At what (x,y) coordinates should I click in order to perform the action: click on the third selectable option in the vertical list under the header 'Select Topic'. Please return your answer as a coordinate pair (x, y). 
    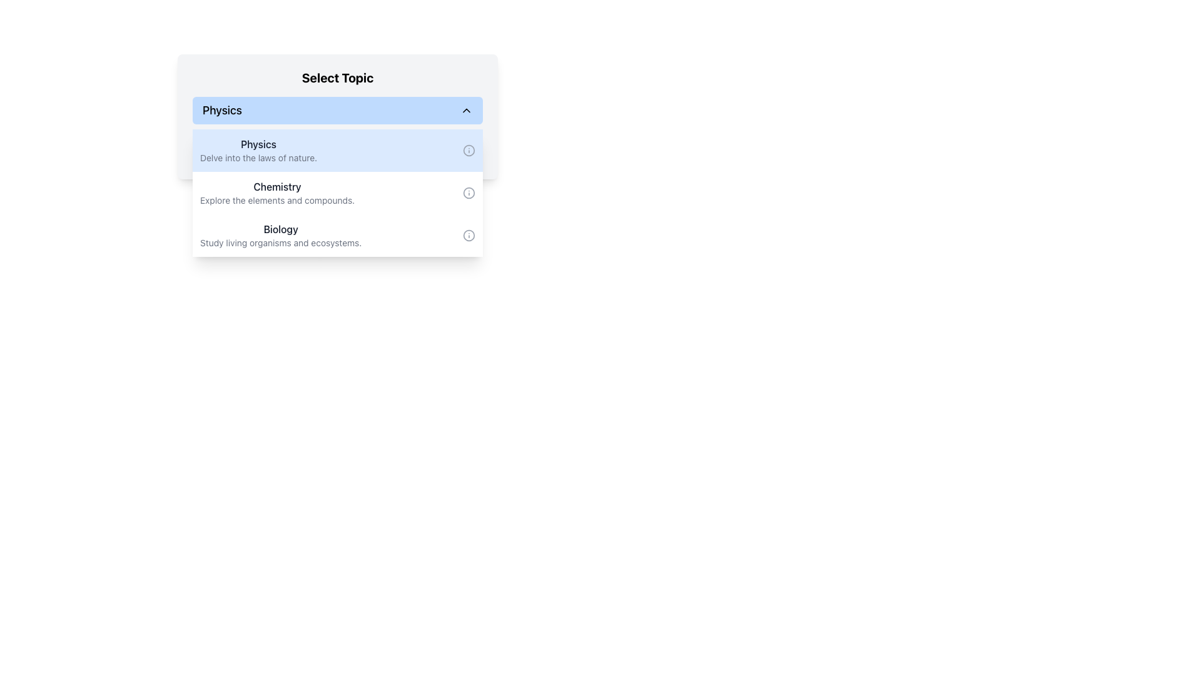
    Looking at the image, I should click on (280, 236).